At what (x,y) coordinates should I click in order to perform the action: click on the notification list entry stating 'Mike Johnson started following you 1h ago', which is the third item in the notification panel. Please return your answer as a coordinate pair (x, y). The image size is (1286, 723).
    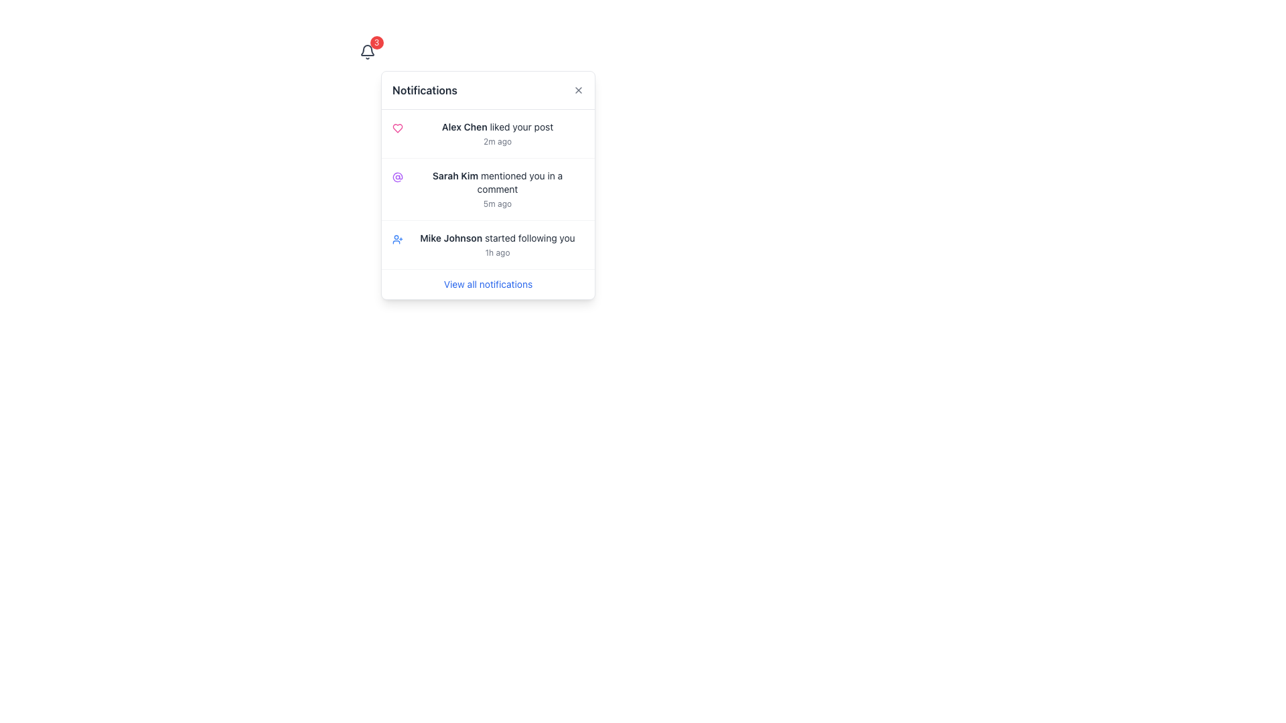
    Looking at the image, I should click on (488, 245).